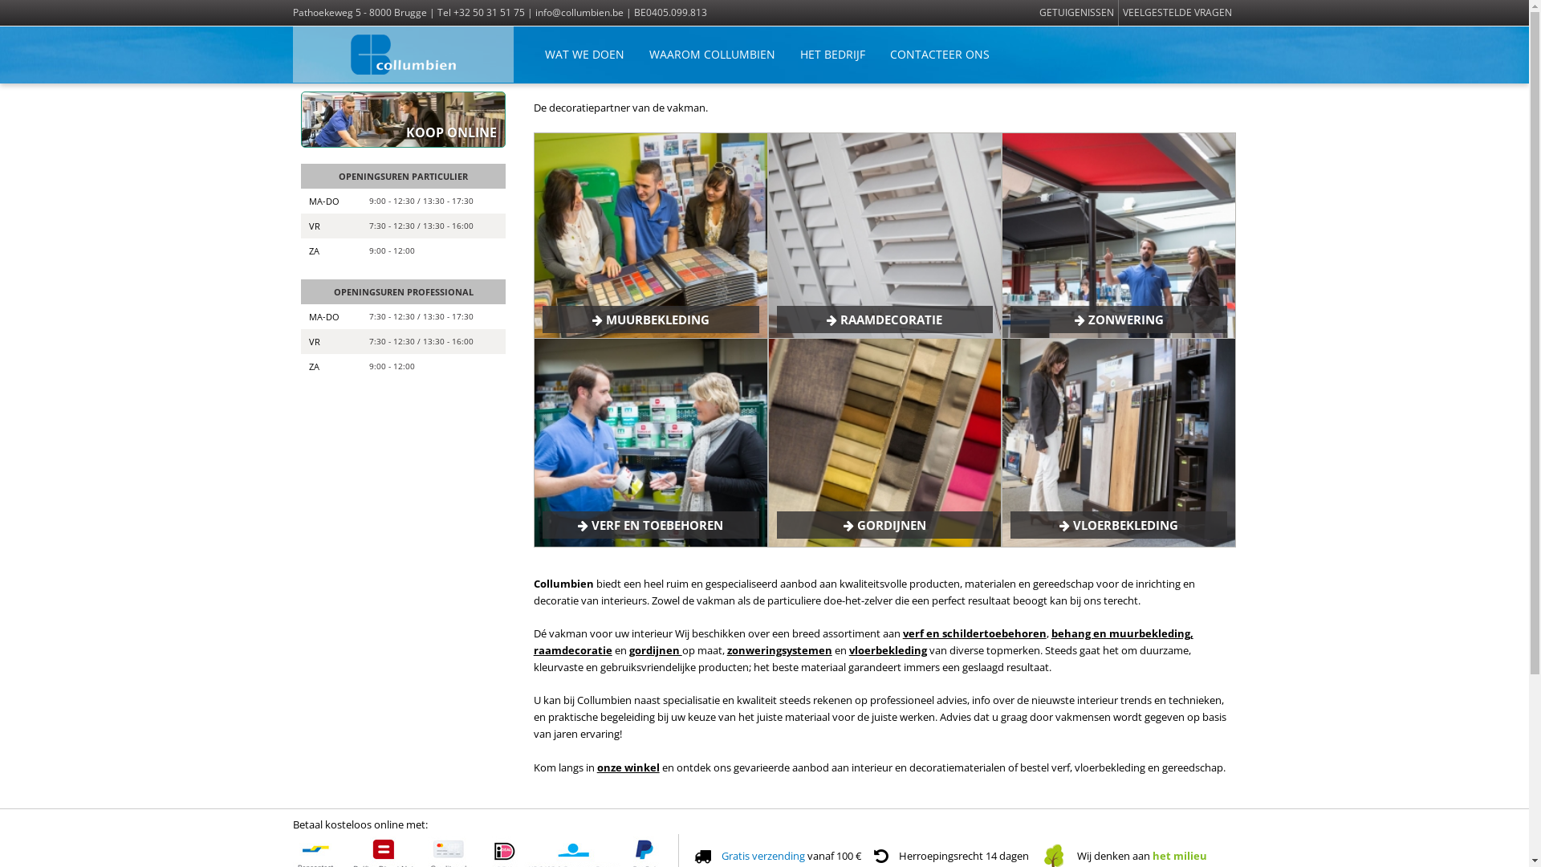  I want to click on 'KOOP ONLINE', so click(404, 119).